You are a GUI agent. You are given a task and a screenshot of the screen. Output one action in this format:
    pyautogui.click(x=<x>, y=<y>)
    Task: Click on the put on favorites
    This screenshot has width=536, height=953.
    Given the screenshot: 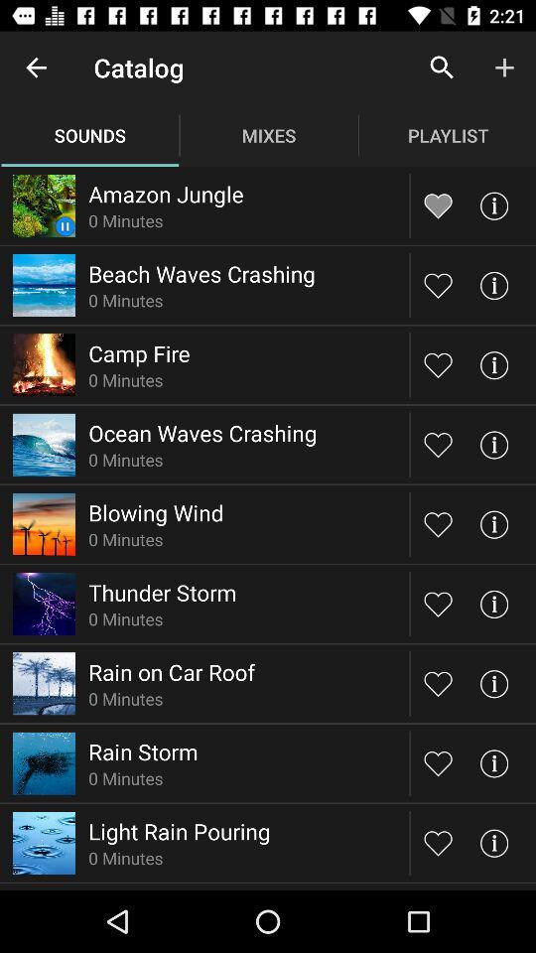 What is the action you would take?
    pyautogui.click(x=438, y=603)
    